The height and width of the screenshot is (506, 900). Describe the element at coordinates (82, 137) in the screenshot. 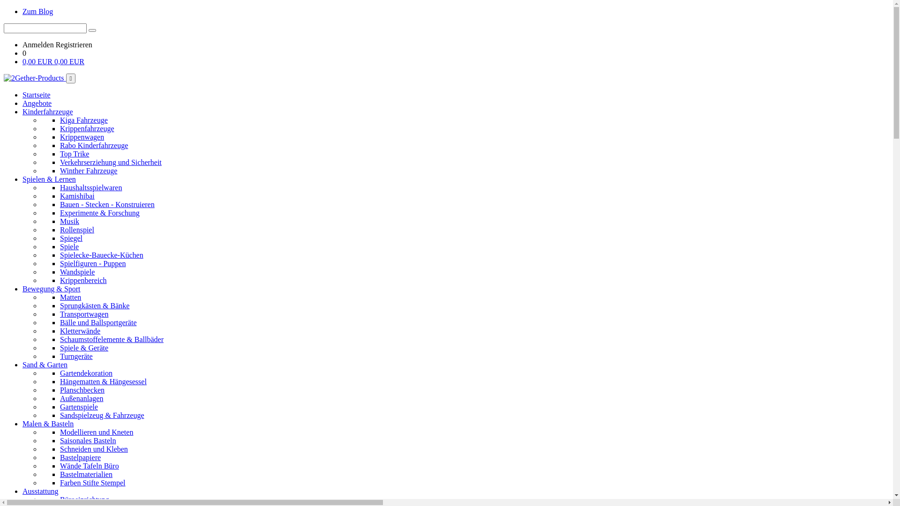

I see `'Krippenwagen'` at that location.